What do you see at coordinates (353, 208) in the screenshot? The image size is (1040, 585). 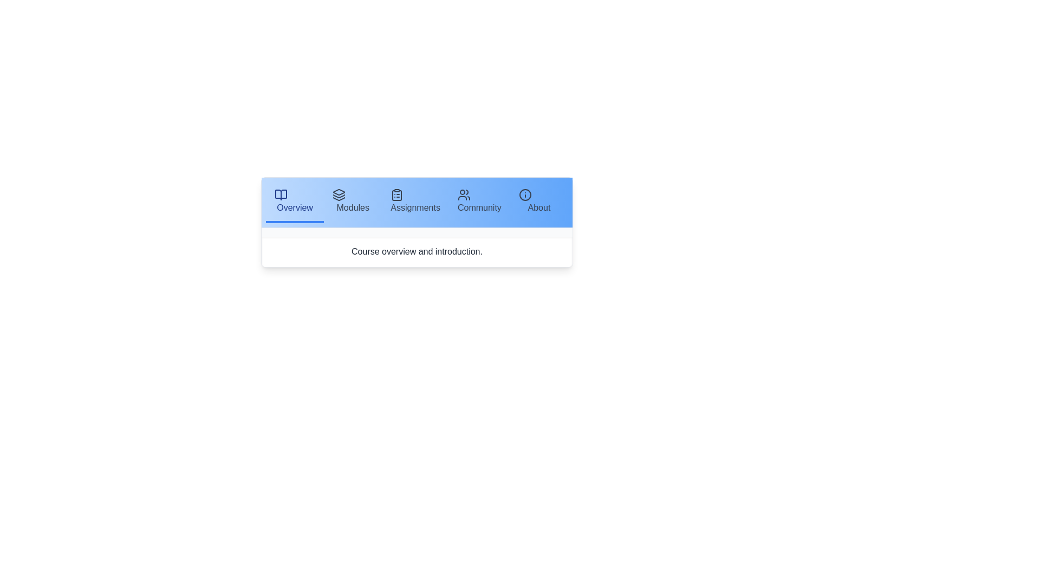 I see `the 'Modules' text label in the navigation tab` at bounding box center [353, 208].